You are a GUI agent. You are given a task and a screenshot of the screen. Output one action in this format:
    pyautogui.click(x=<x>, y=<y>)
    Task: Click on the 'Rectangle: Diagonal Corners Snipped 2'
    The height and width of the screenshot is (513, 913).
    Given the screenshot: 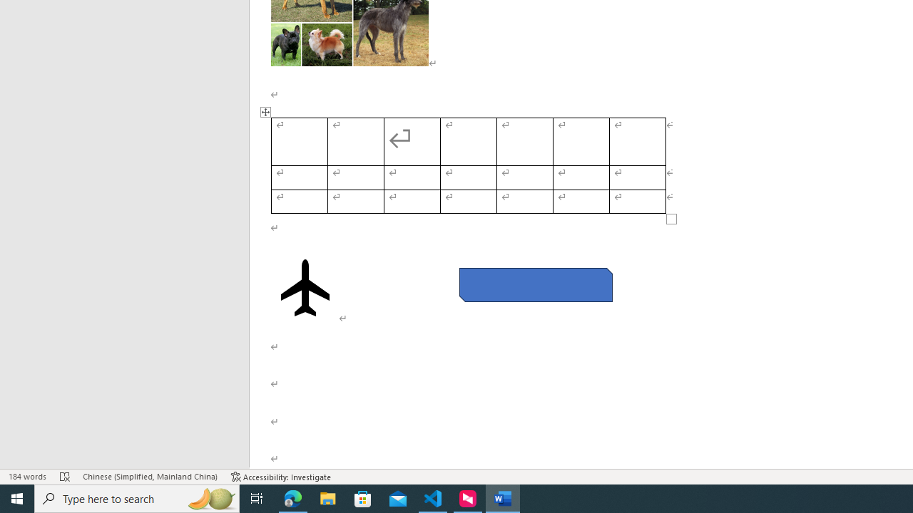 What is the action you would take?
    pyautogui.click(x=535, y=284)
    